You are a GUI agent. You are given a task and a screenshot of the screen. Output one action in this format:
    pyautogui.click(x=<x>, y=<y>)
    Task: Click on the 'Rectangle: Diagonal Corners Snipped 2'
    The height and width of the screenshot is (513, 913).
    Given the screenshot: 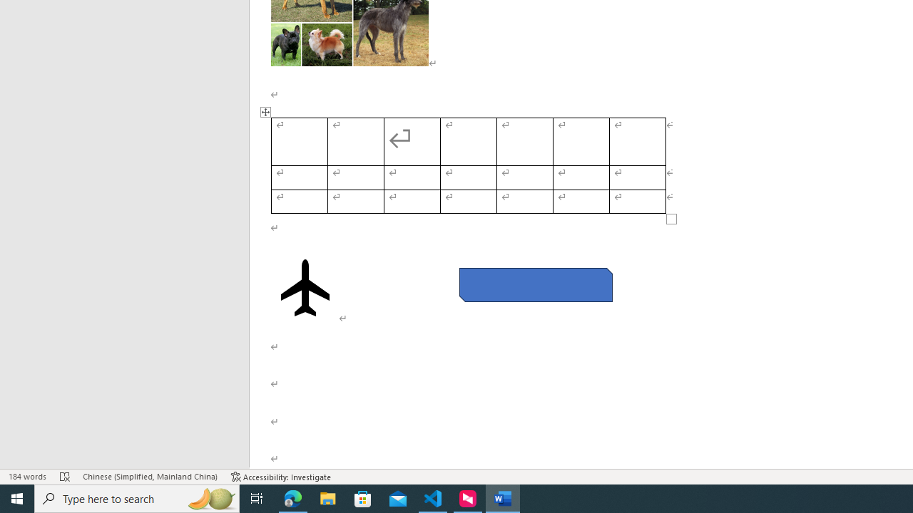 What is the action you would take?
    pyautogui.click(x=535, y=284)
    